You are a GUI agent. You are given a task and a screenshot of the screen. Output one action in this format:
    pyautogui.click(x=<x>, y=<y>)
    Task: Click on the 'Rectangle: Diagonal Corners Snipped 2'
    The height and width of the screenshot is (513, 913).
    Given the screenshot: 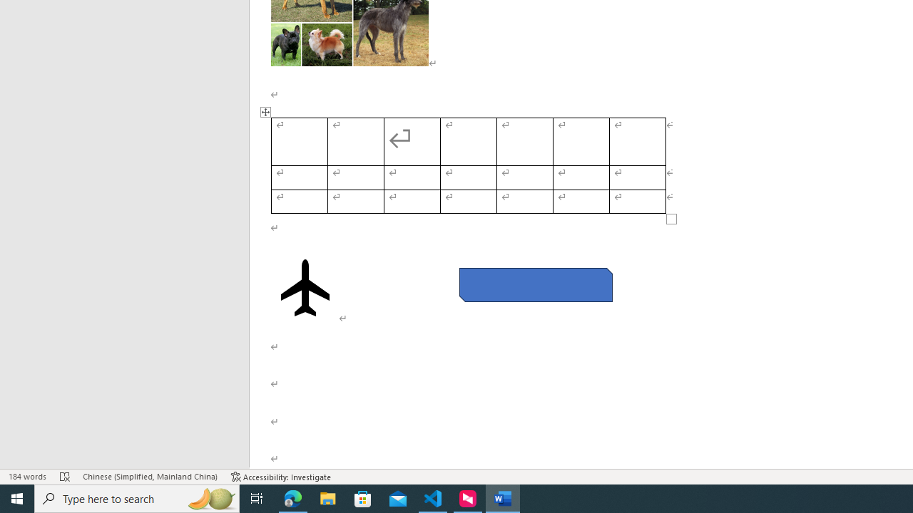 What is the action you would take?
    pyautogui.click(x=535, y=284)
    